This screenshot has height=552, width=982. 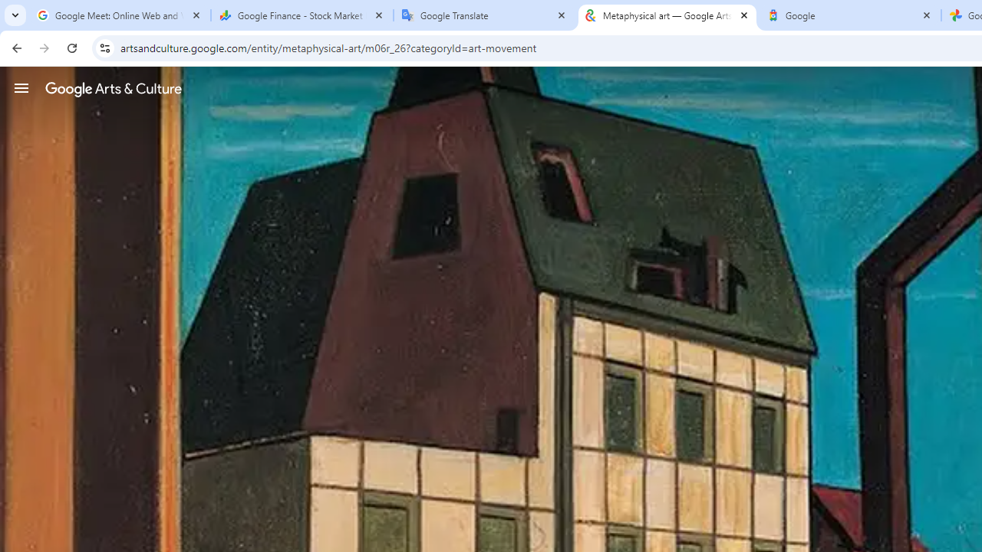 What do you see at coordinates (21, 87) in the screenshot?
I see `'Menu'` at bounding box center [21, 87].